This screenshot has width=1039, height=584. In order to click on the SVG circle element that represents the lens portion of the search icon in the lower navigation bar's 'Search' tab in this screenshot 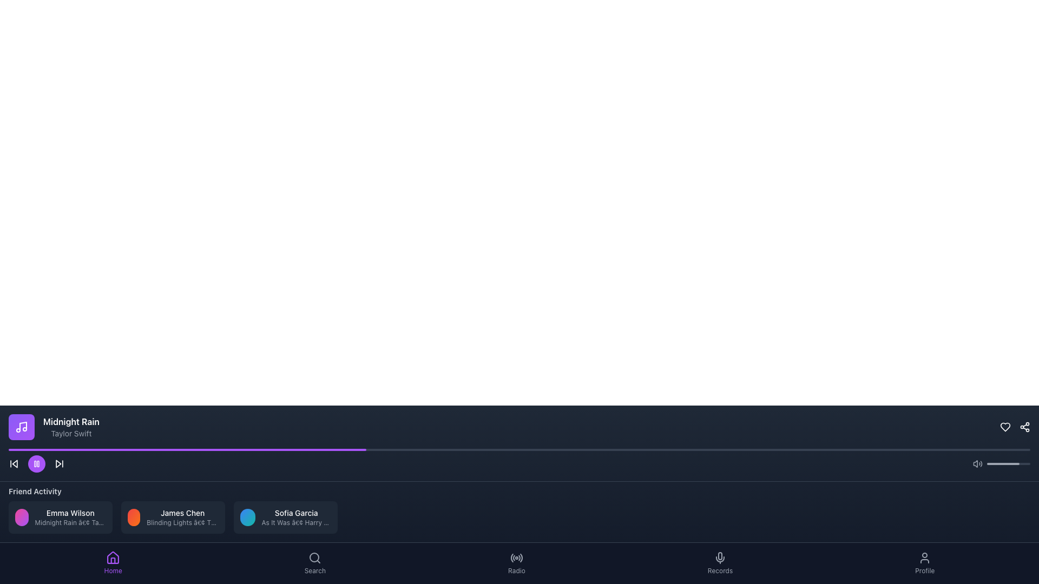, I will do `click(314, 557)`.